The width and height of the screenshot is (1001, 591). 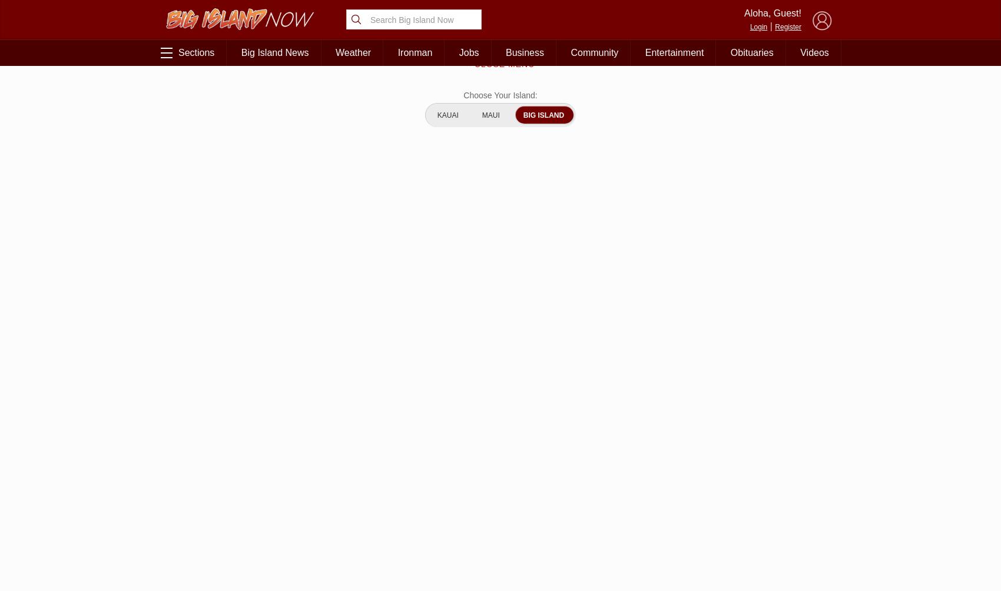 I want to click on 'Ironman', so click(x=415, y=52).